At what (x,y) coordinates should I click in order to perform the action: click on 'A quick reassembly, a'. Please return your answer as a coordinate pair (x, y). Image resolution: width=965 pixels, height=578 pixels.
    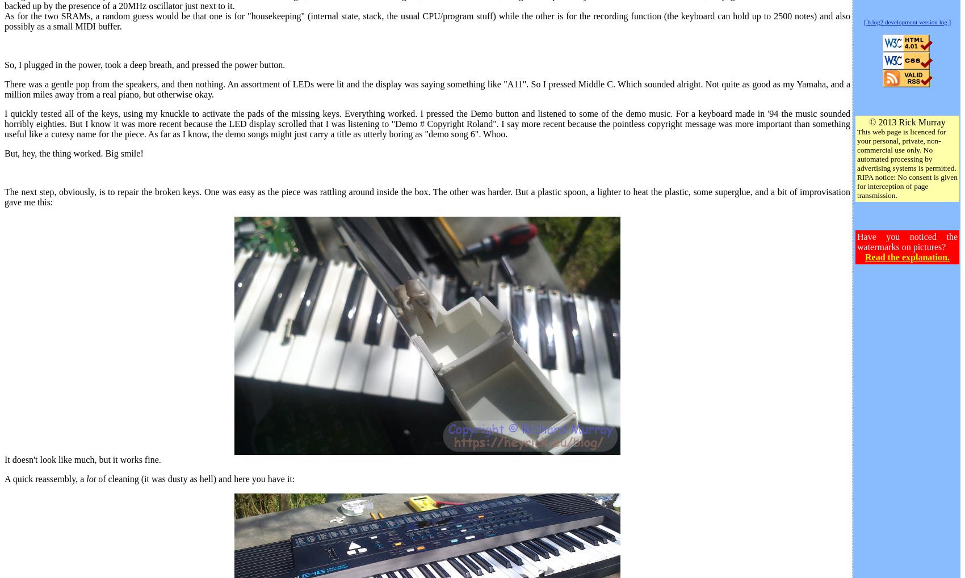
    Looking at the image, I should click on (4, 478).